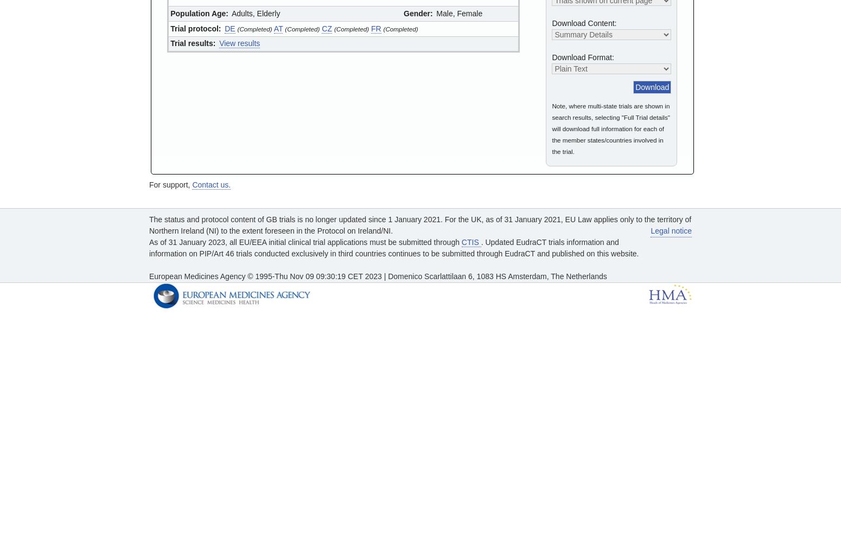 The width and height of the screenshot is (841, 542). Describe the element at coordinates (170, 43) in the screenshot. I see `'Trial results:'` at that location.